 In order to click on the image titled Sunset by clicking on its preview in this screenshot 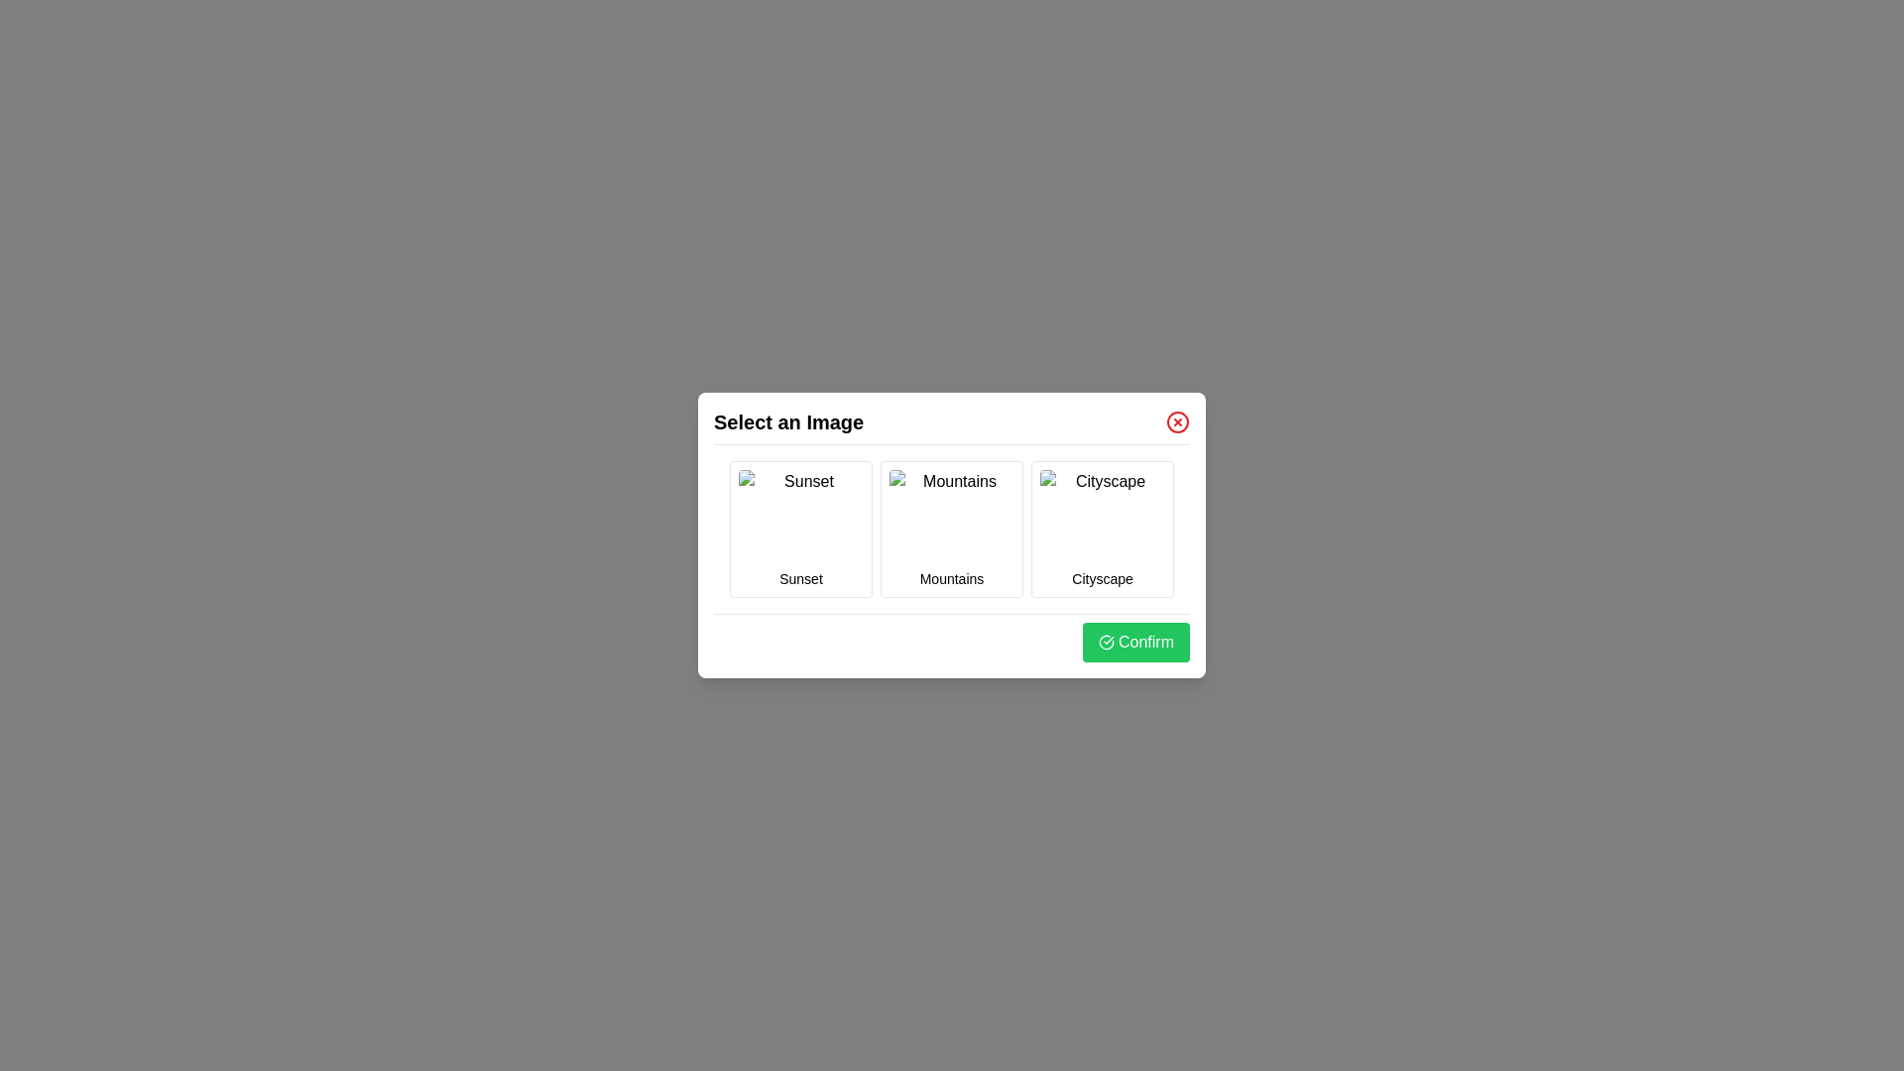, I will do `click(800, 516)`.